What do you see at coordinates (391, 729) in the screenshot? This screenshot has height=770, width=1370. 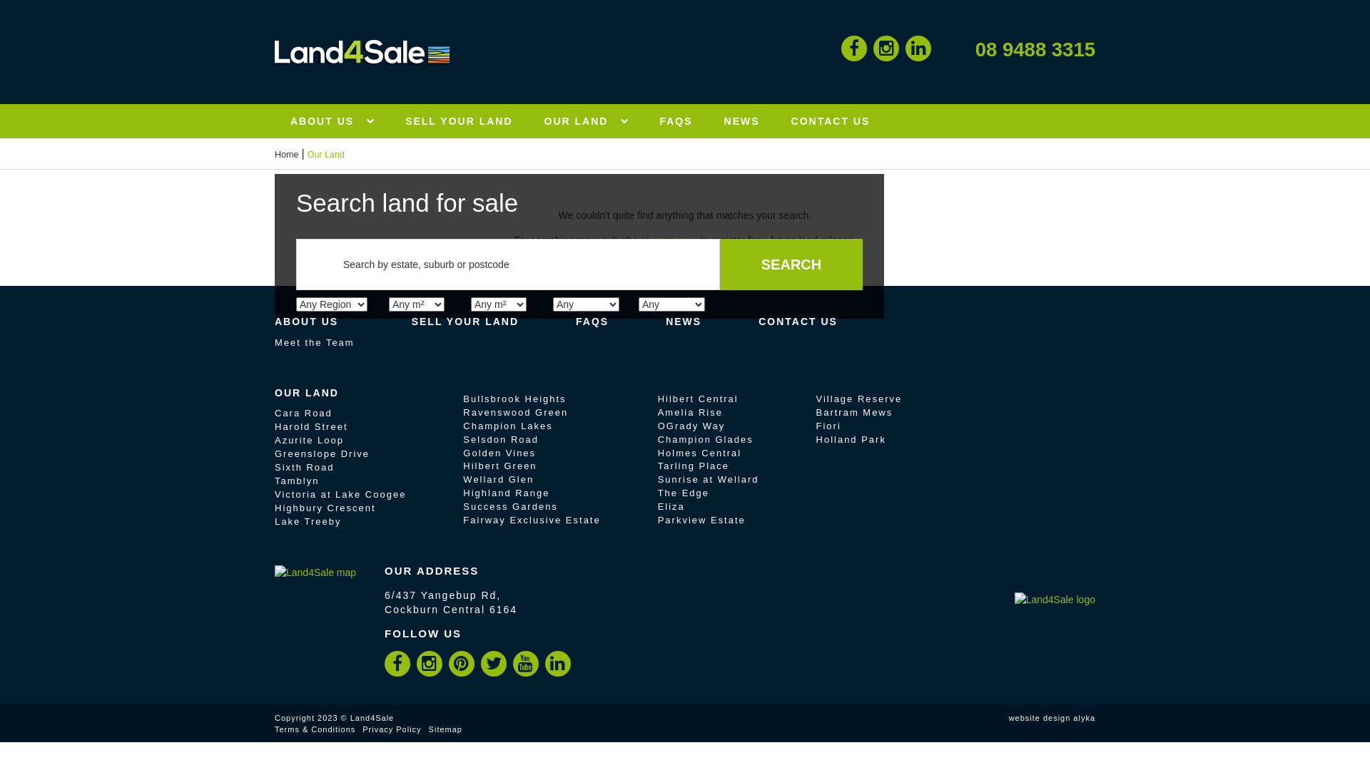 I see `'Privacy Policy'` at bounding box center [391, 729].